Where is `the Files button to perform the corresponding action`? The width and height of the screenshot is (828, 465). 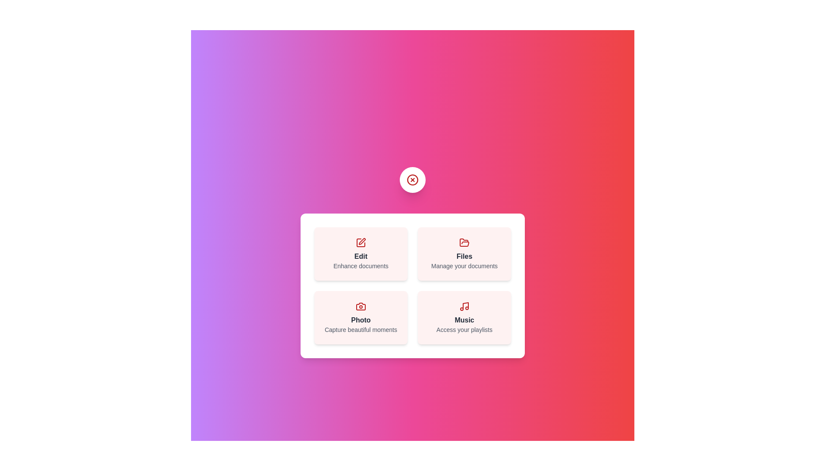 the Files button to perform the corresponding action is located at coordinates (464, 254).